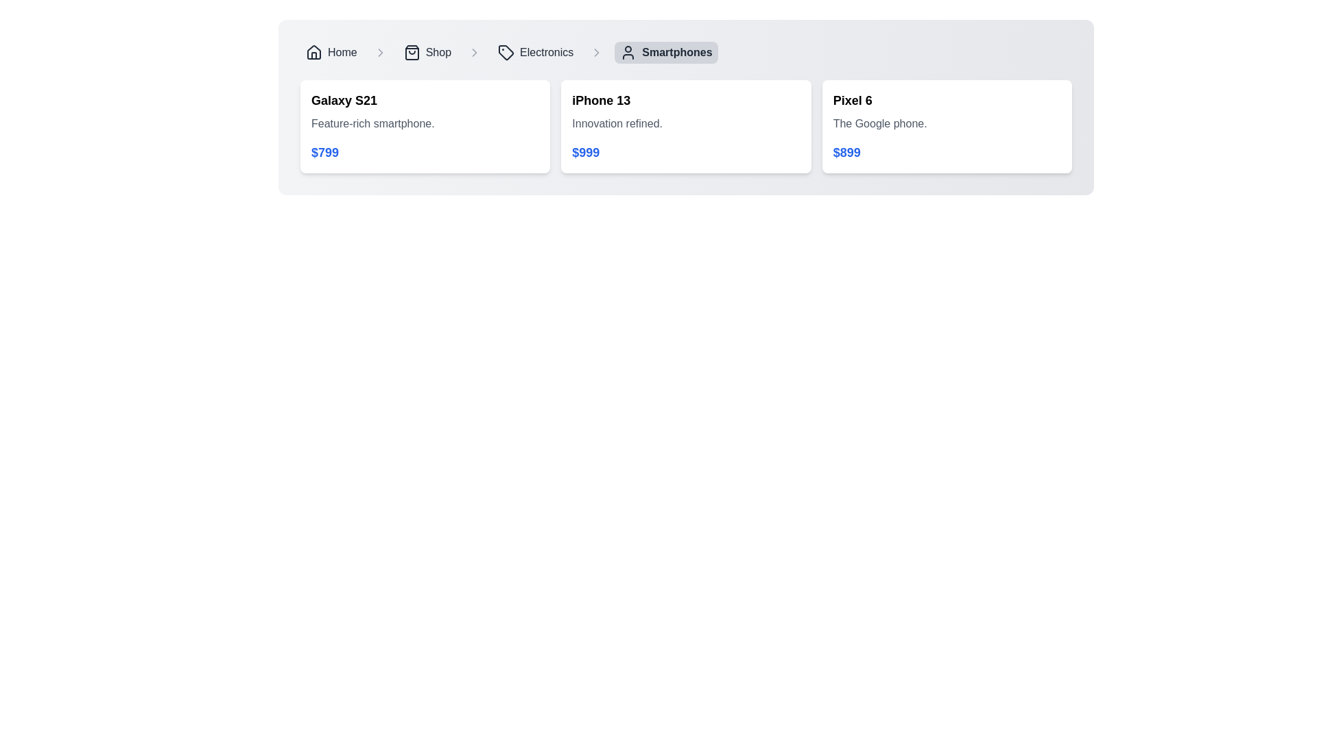  What do you see at coordinates (344, 99) in the screenshot?
I see `the 'Galaxy S21' text label, which is styled in a bold, enlarged font and serves as the title of a product card located at the upper section of the first item in a horizontal list of product cards` at bounding box center [344, 99].